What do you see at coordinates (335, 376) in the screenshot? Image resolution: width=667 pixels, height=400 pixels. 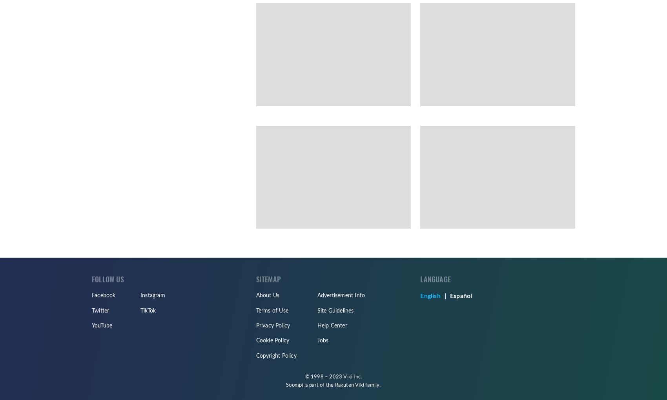 I see `'2023'` at bounding box center [335, 376].